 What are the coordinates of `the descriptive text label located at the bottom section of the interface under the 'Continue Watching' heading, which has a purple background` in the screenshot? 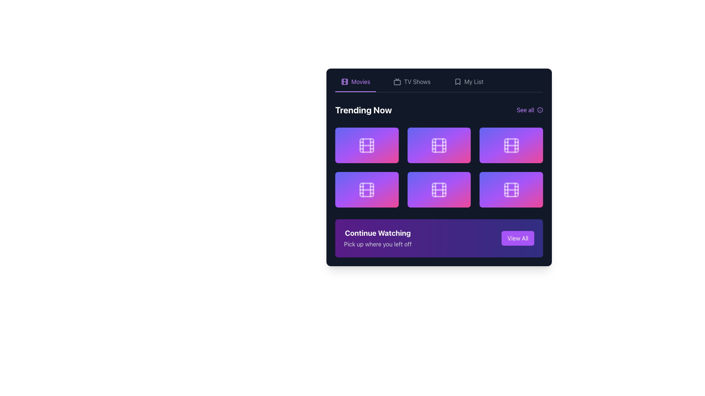 It's located at (378, 244).